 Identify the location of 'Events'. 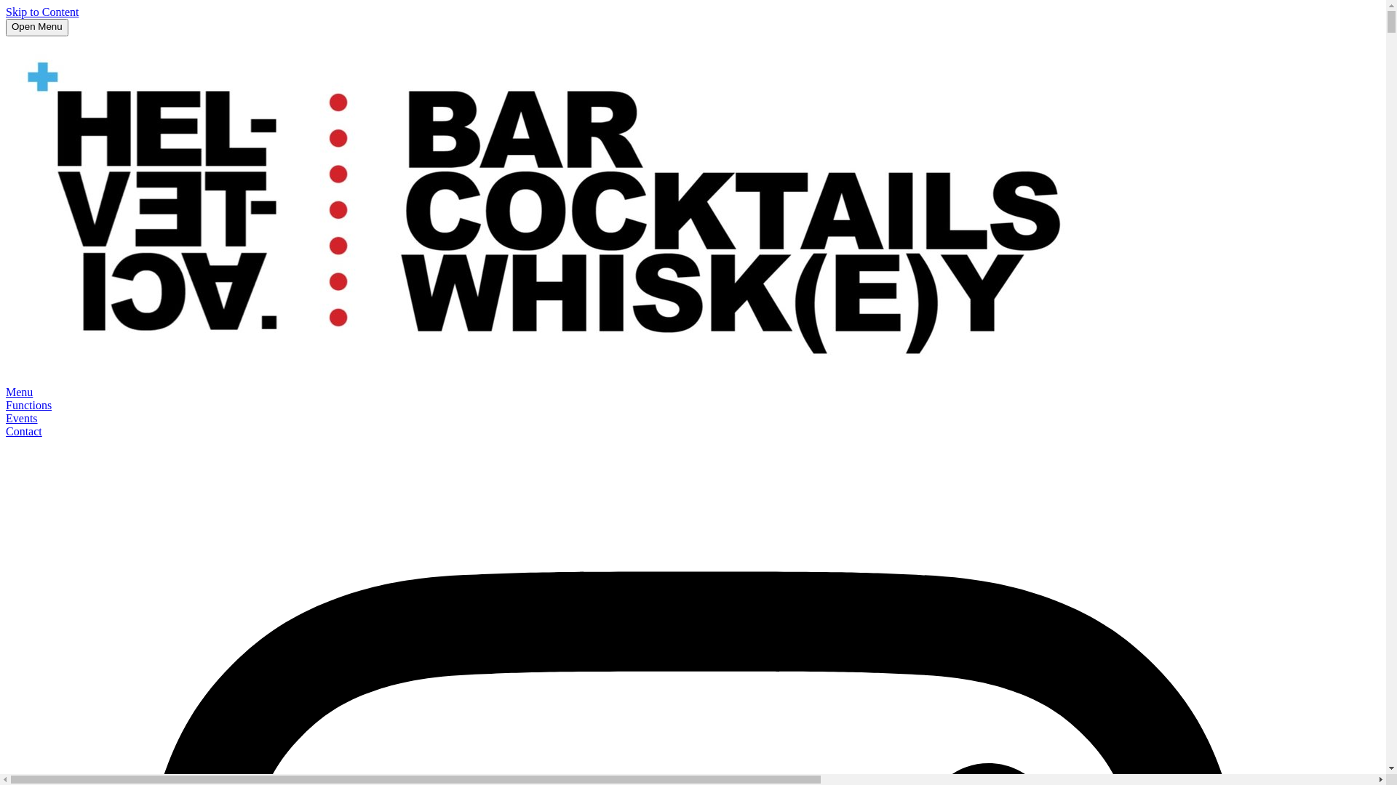
(6, 418).